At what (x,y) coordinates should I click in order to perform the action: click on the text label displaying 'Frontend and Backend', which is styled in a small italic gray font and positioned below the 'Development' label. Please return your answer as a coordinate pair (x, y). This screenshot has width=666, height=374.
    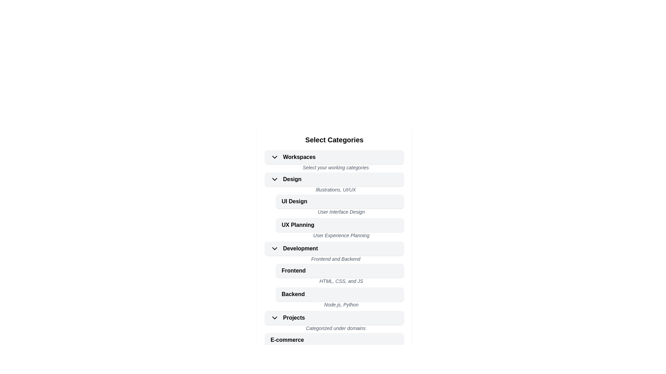
    Looking at the image, I should click on (334, 259).